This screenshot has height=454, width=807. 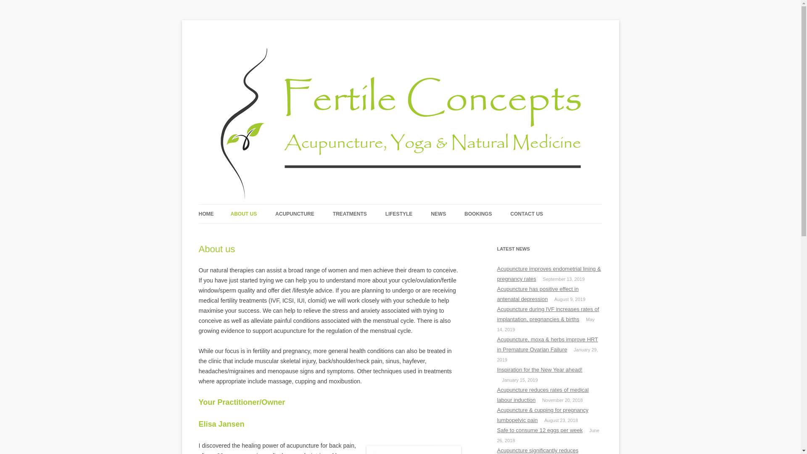 What do you see at coordinates (438, 214) in the screenshot?
I see `'NEWS'` at bounding box center [438, 214].